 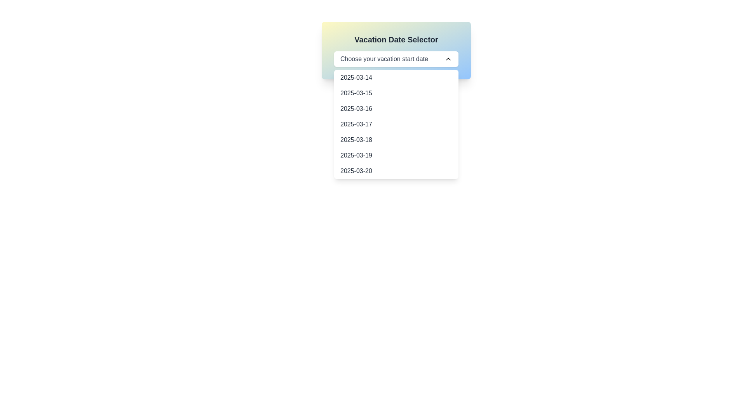 I want to click on the selectable dropdown item displaying the date '2025-03-17', so click(x=356, y=124).